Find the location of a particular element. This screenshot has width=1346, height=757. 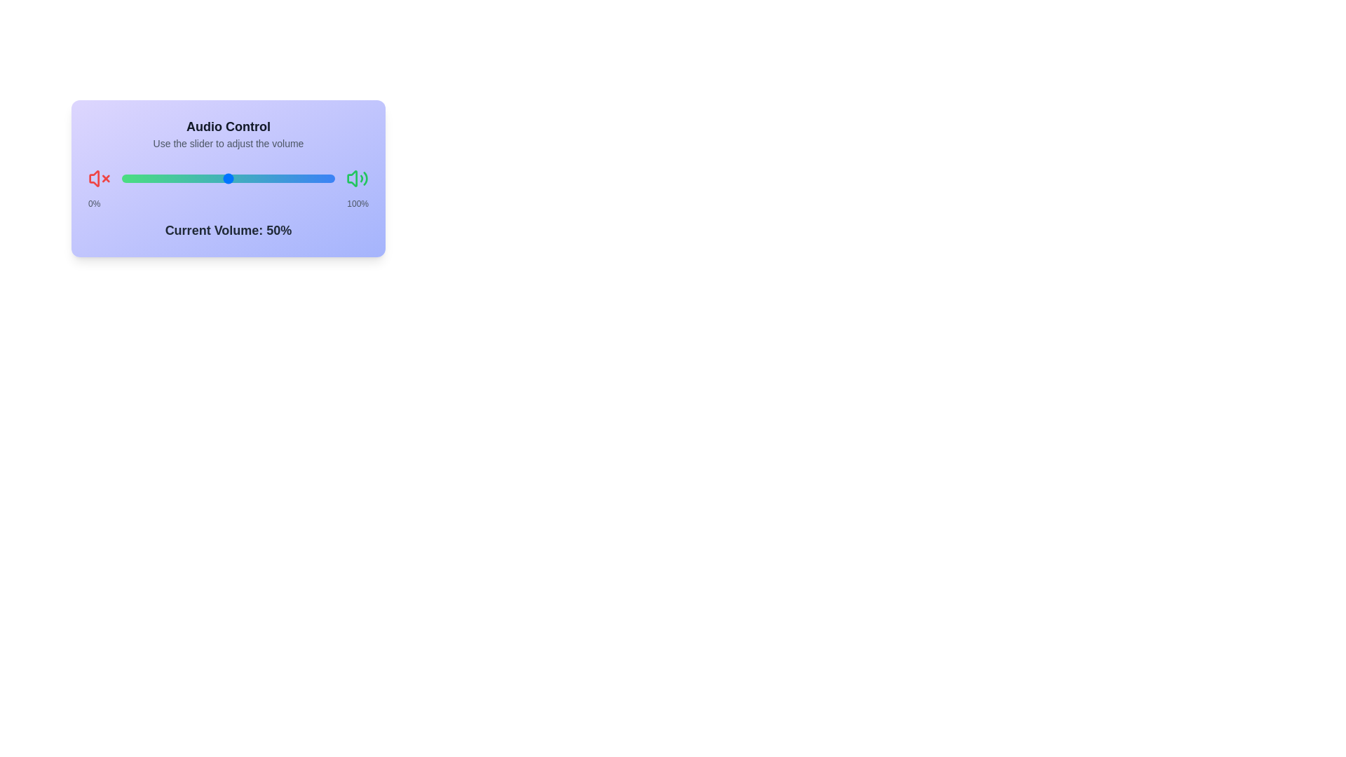

the slider to set the volume to 44% is located at coordinates (121, 177).